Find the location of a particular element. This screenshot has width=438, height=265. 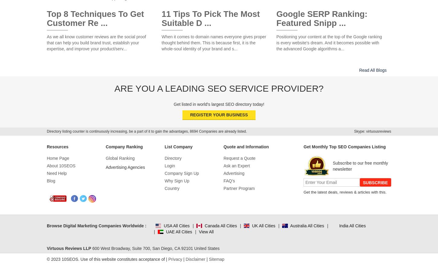

'Directory' is located at coordinates (173, 158).